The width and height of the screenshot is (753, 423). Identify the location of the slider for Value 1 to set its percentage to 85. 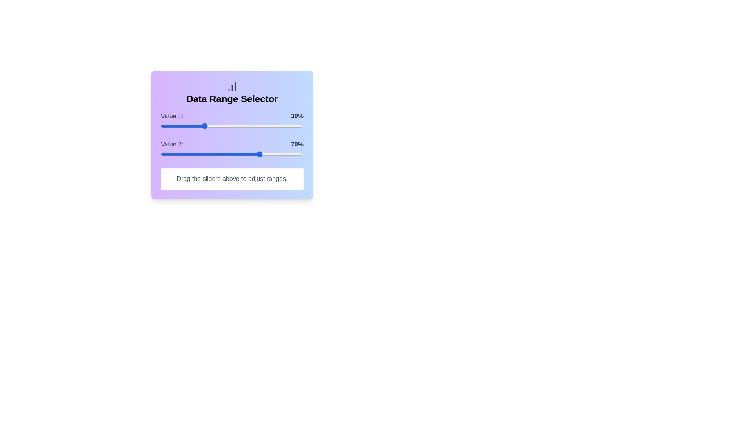
(282, 125).